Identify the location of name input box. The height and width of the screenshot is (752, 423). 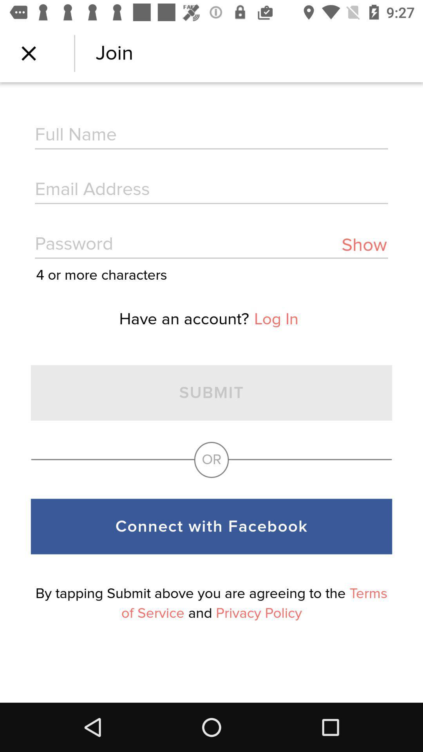
(211, 136).